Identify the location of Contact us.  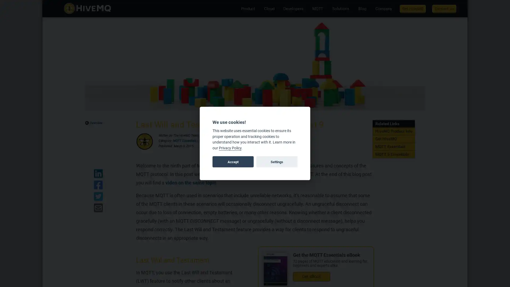
(444, 8).